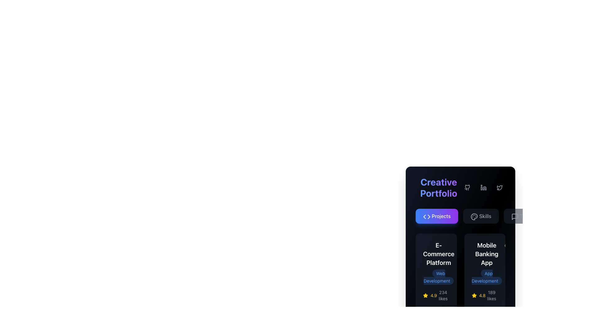 This screenshot has width=596, height=335. What do you see at coordinates (482, 295) in the screenshot?
I see `the numeric rating label located in the bottom-right corner of the 'Mobile Banking App' card, which follows a star icon` at bounding box center [482, 295].